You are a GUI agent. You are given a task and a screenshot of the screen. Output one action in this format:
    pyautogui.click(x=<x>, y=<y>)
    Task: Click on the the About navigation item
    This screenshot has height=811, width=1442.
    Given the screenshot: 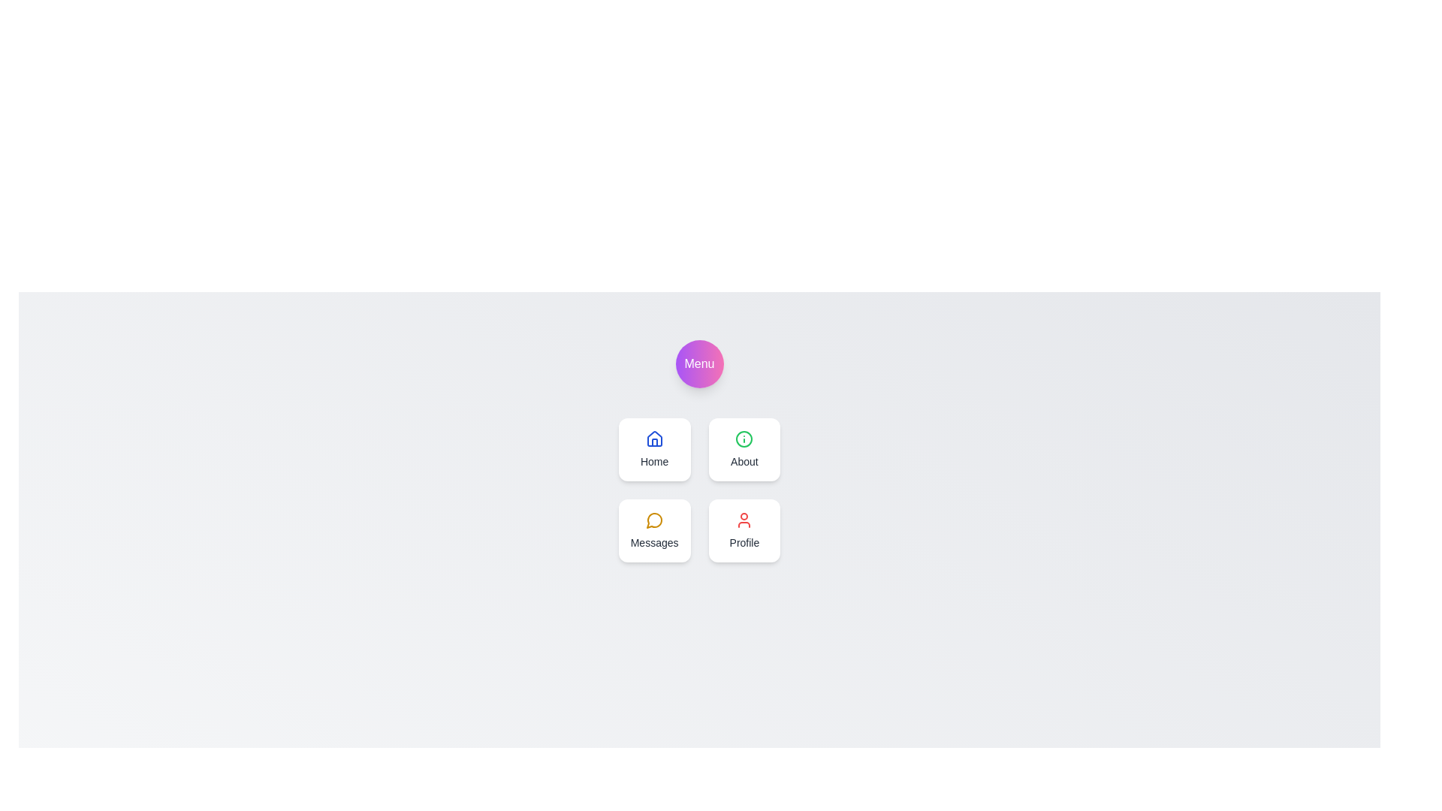 What is the action you would take?
    pyautogui.click(x=744, y=448)
    